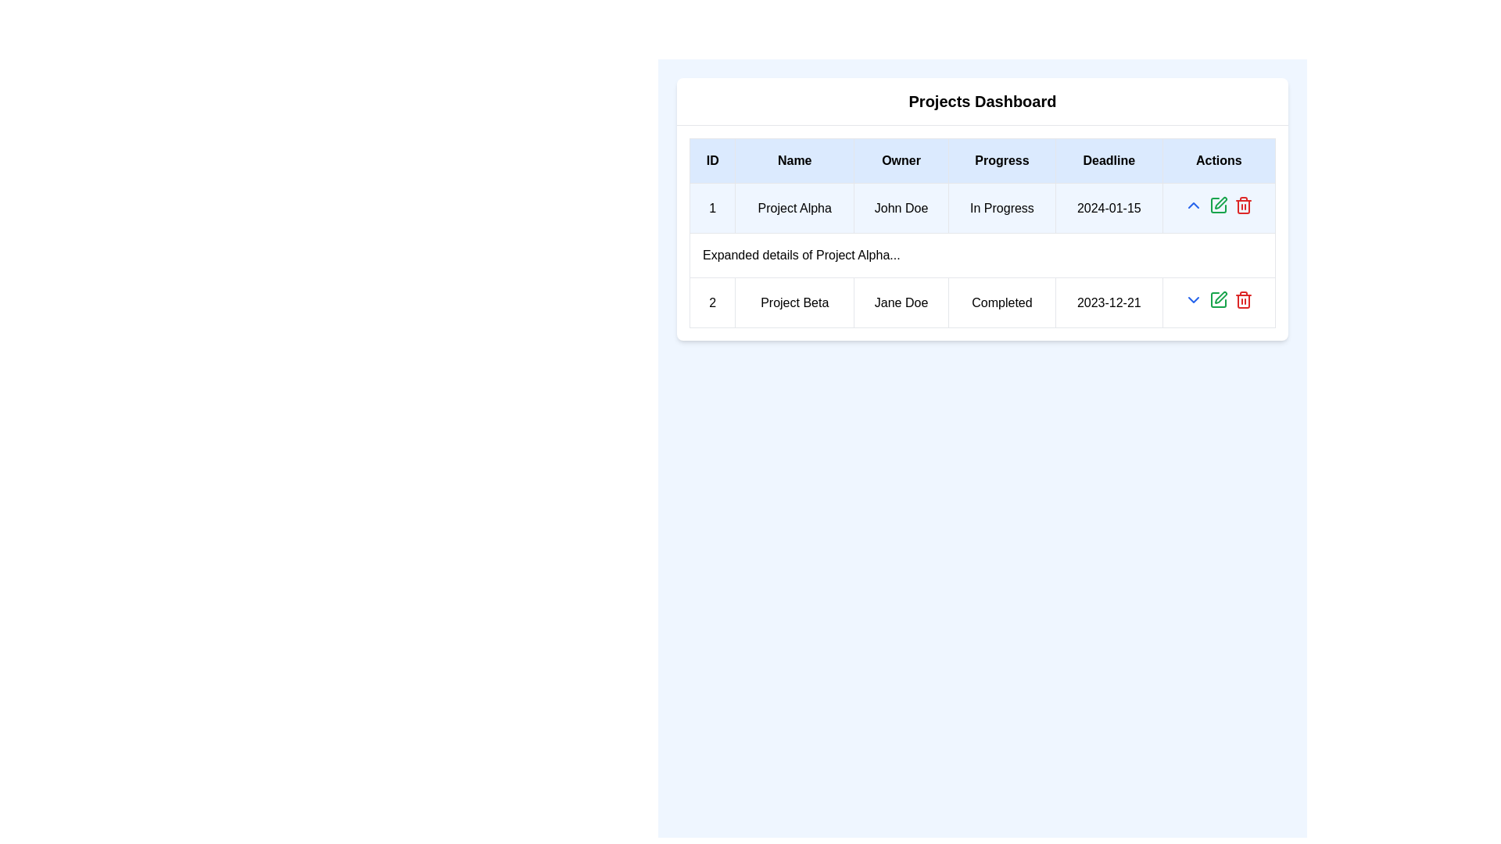 This screenshot has width=1501, height=844. What do you see at coordinates (1243, 204) in the screenshot?
I see `the 'Delete' button located in the 'Actions' column of the second row of the projects table` at bounding box center [1243, 204].